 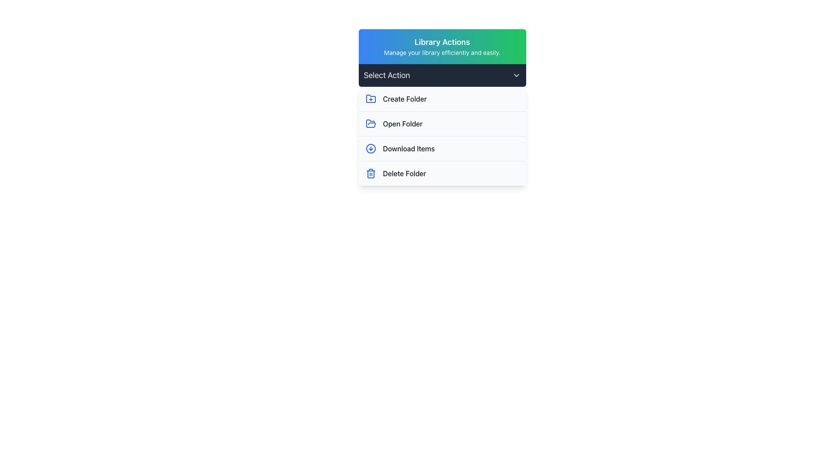 I want to click on the Text label that triggers the download functionality for items, located within the 'Library Actions' section and positioned to the right of a downward pointing arrow icon, so click(x=408, y=148).